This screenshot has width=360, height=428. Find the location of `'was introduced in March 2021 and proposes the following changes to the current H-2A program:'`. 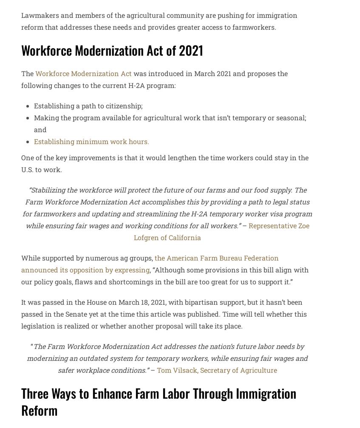

'was introduced in March 2021 and proposes the following changes to the current H-2A program:' is located at coordinates (20, 79).